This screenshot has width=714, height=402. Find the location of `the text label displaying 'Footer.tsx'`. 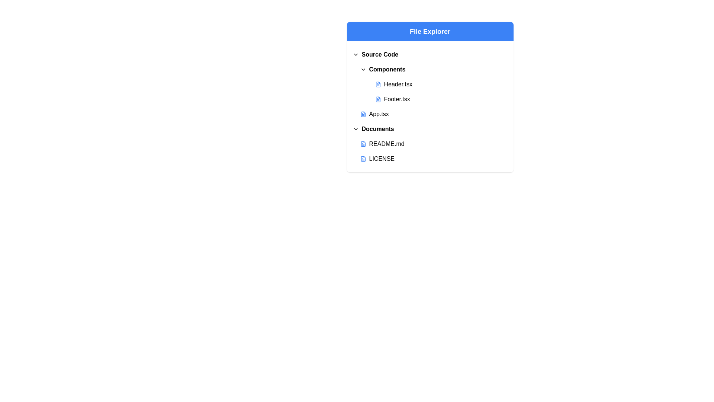

the text label displaying 'Footer.tsx' is located at coordinates (396, 99).